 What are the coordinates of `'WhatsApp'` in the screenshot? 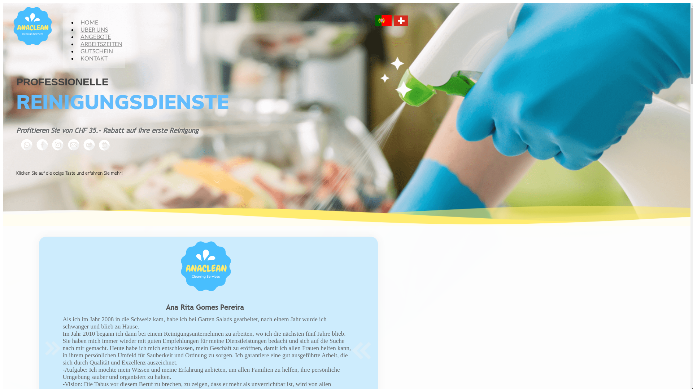 It's located at (26, 144).